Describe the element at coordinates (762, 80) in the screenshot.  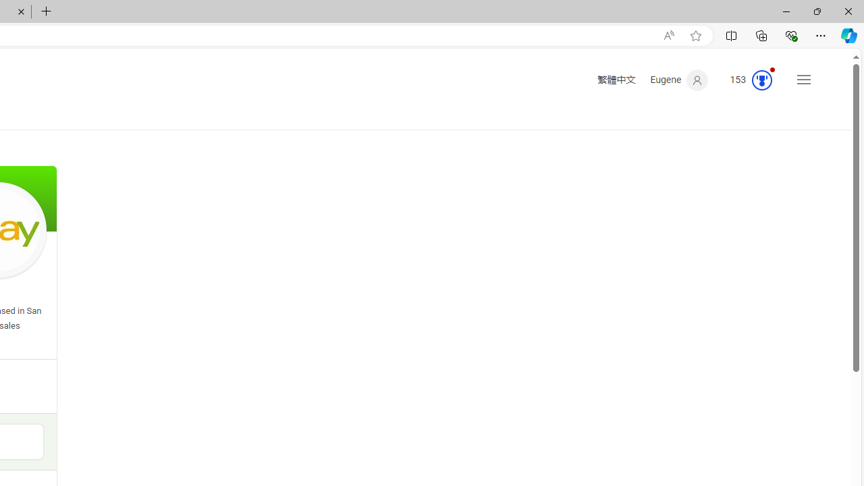
I see `'Class: medal-circled'` at that location.